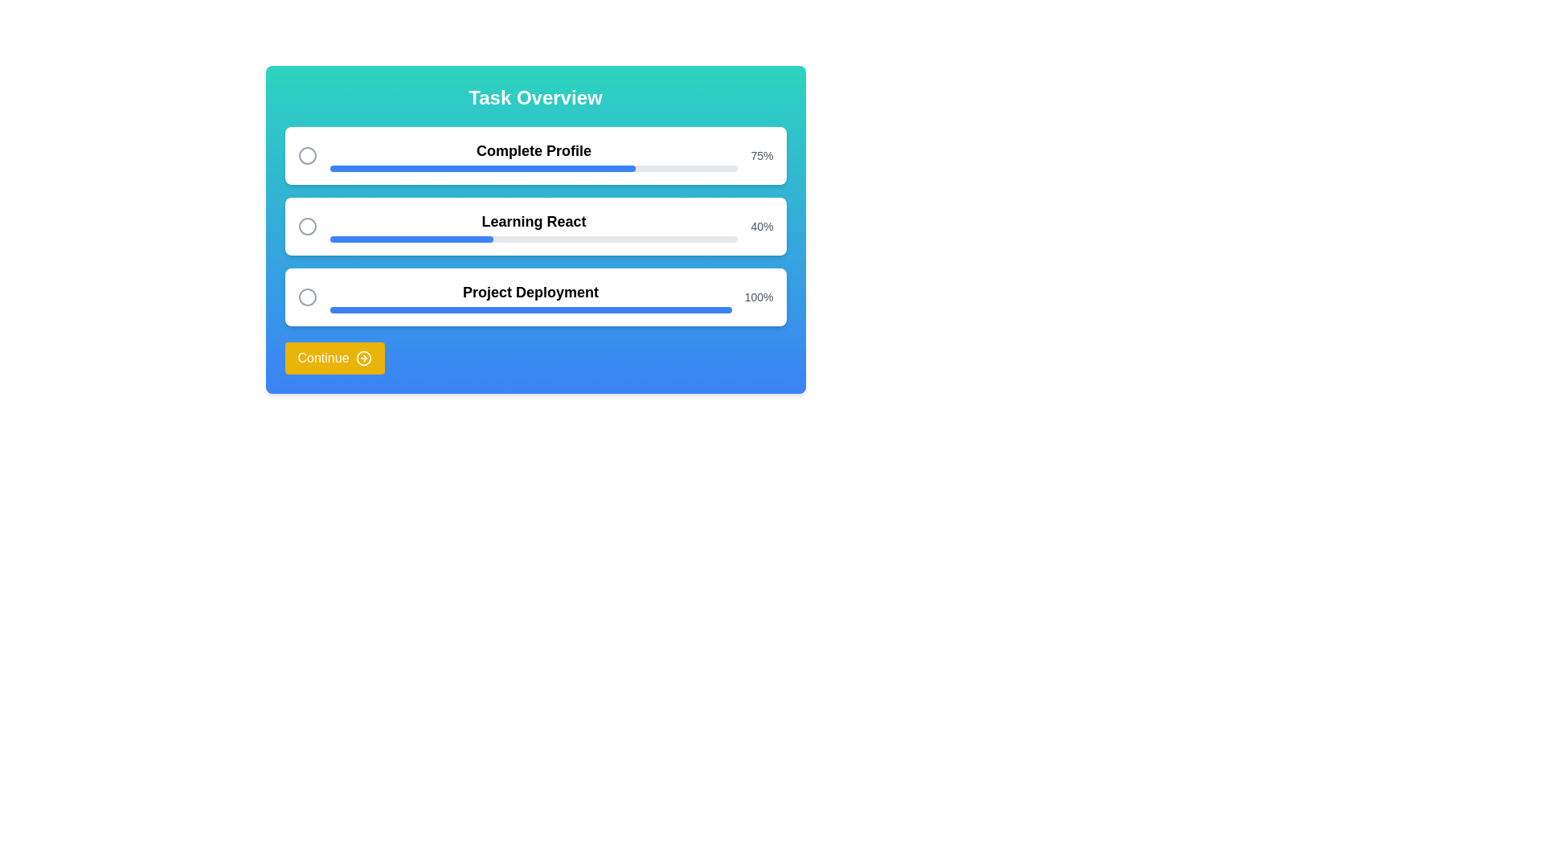 The width and height of the screenshot is (1543, 868). Describe the element at coordinates (534, 168) in the screenshot. I see `the progress bar indicating 75% completion of the 'Complete Profile' task, located below the 'Complete Profile' text in the first progress bar section` at that location.